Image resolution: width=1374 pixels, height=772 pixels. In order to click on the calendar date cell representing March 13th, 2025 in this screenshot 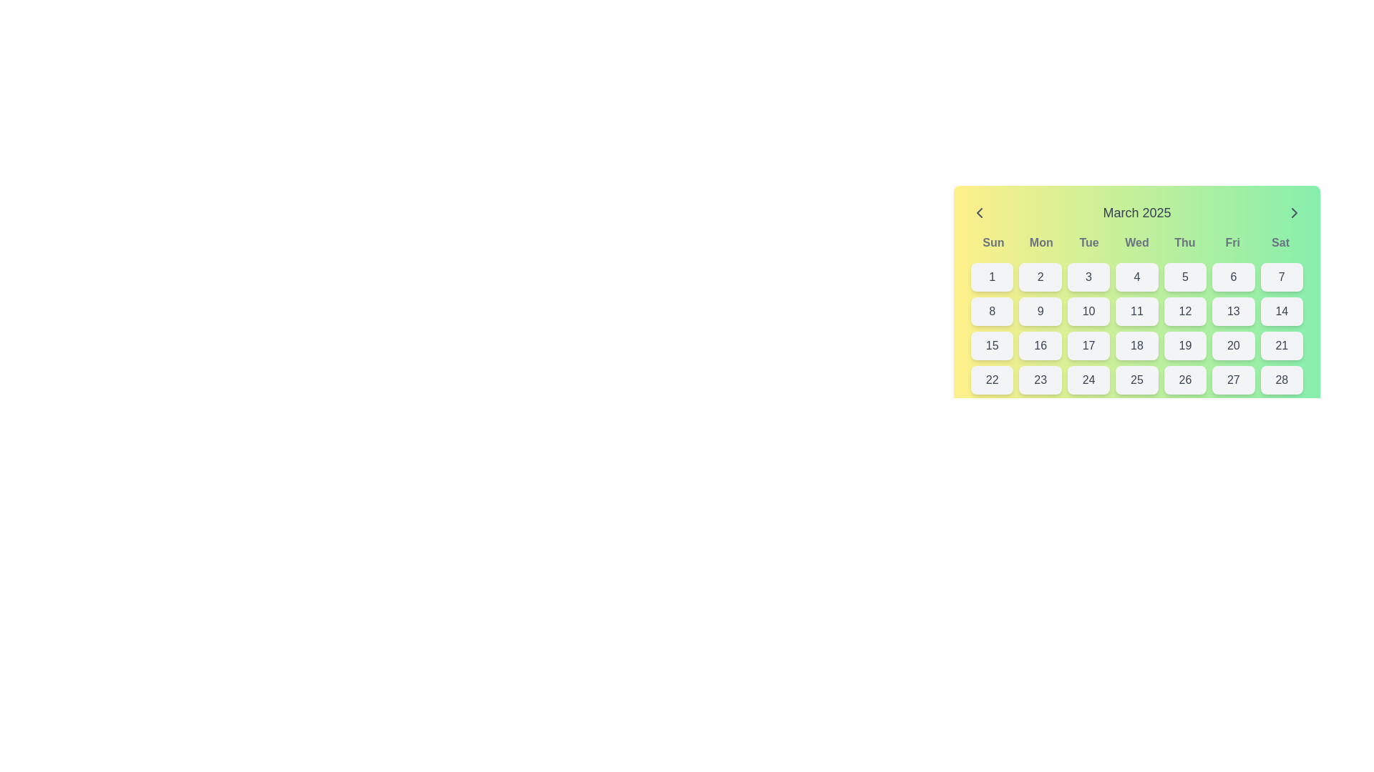, I will do `click(1232, 310)`.